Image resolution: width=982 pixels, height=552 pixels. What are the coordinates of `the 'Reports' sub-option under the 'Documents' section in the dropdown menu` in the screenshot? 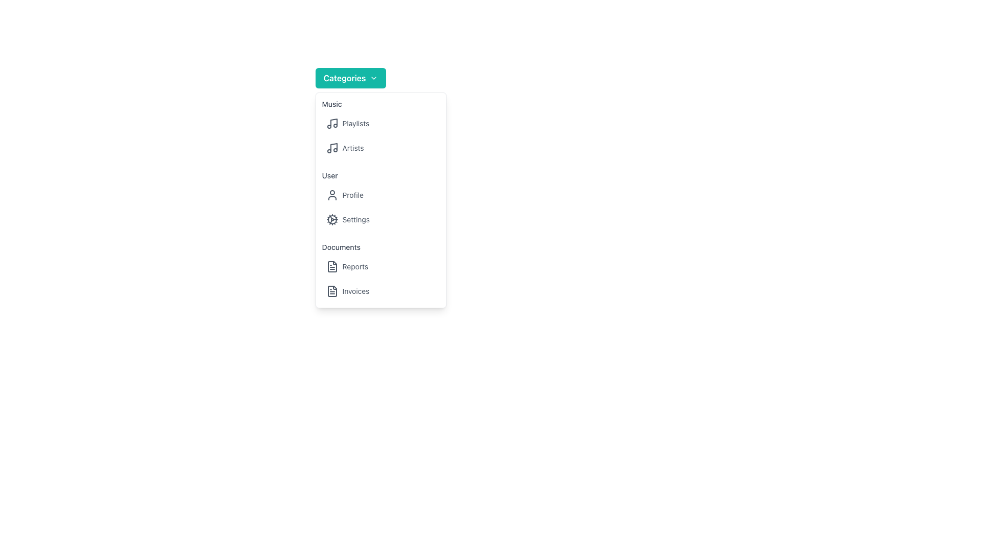 It's located at (380, 271).